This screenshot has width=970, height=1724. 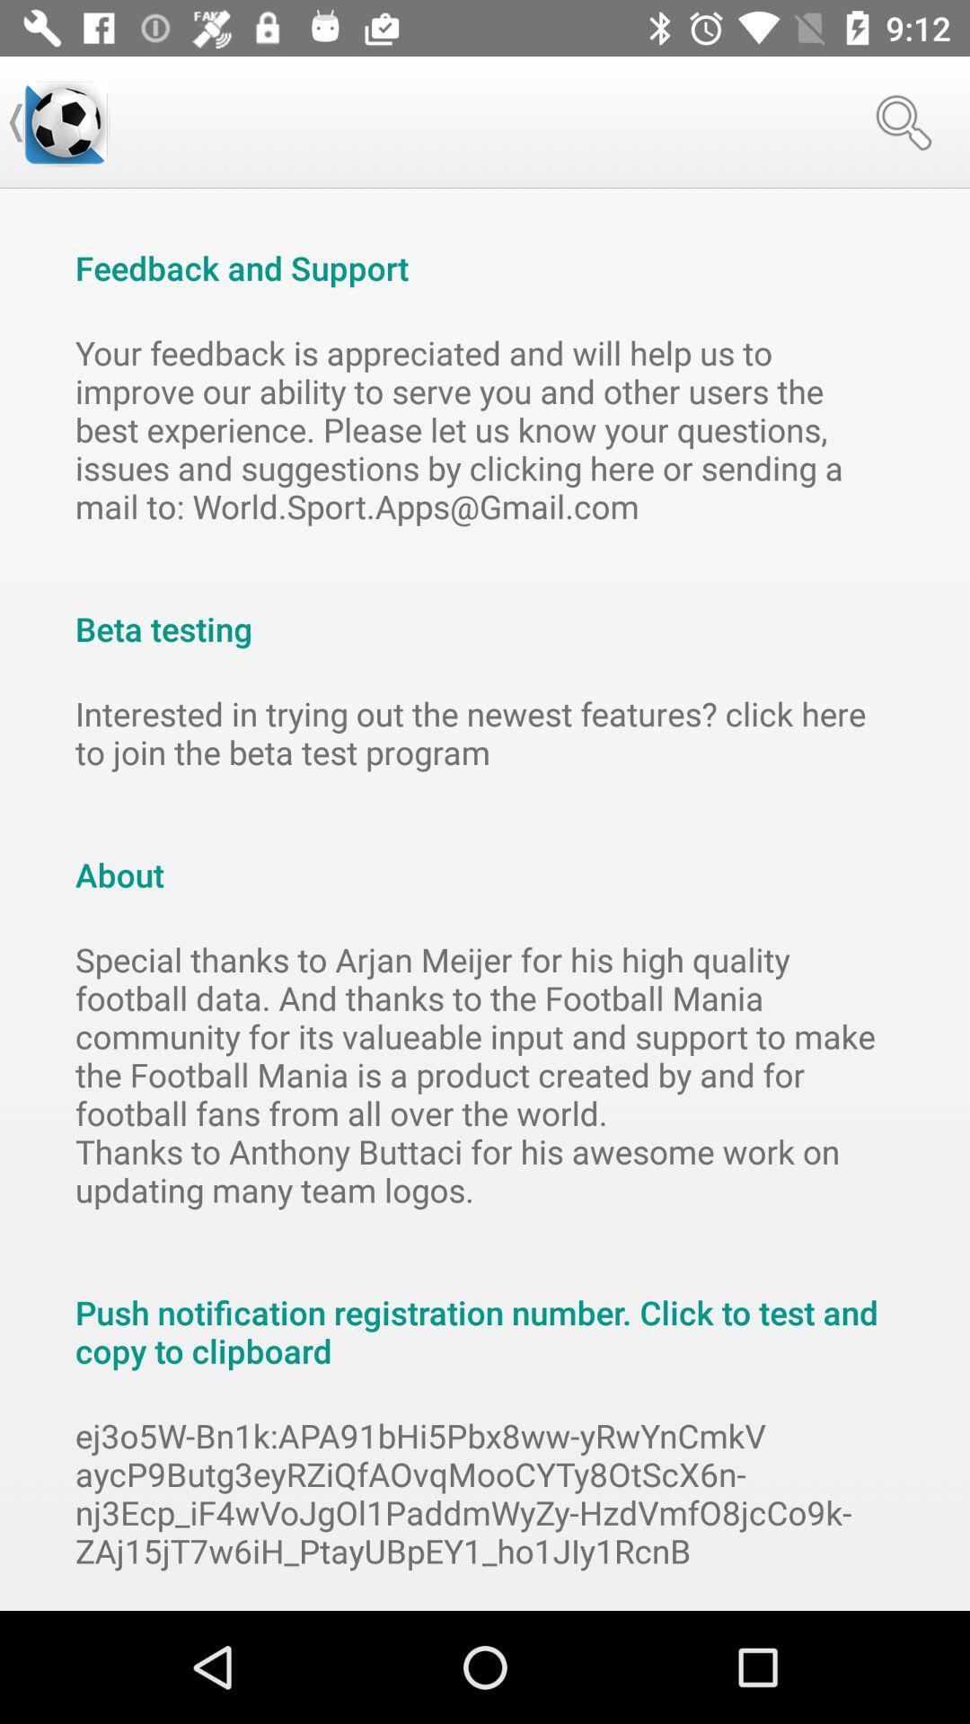 I want to click on the about item, so click(x=485, y=855).